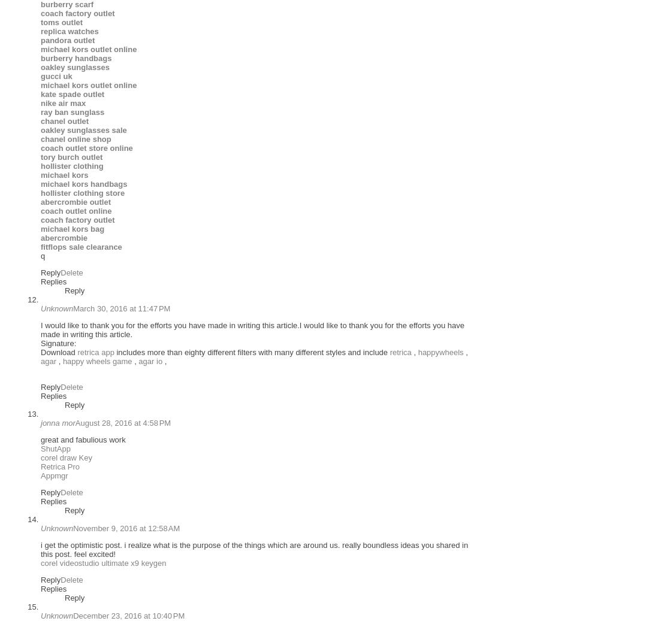  I want to click on 'Download', so click(59, 352).